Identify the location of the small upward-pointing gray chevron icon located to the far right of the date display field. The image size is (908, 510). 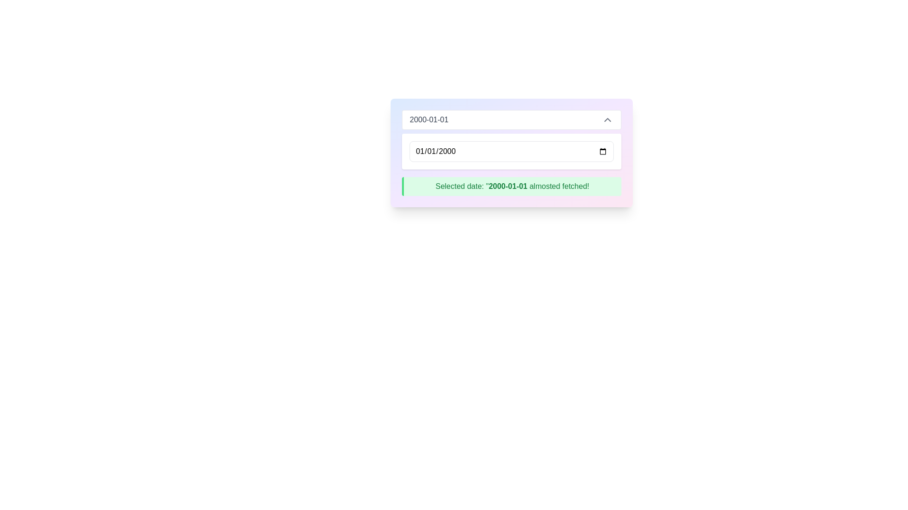
(607, 119).